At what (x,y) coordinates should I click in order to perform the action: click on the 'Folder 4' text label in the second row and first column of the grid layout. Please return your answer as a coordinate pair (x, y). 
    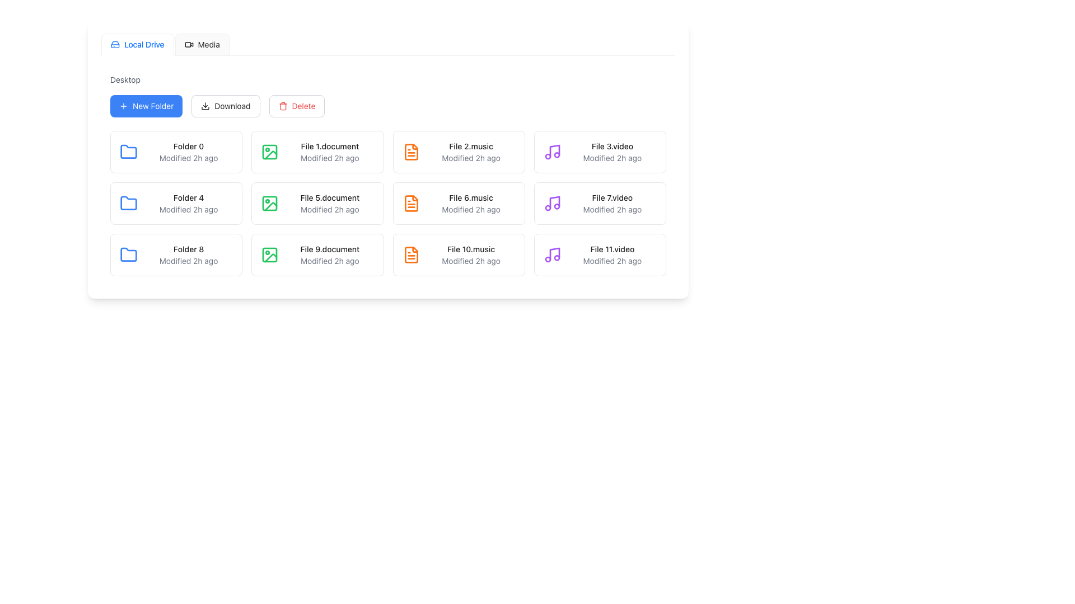
    Looking at the image, I should click on (189, 197).